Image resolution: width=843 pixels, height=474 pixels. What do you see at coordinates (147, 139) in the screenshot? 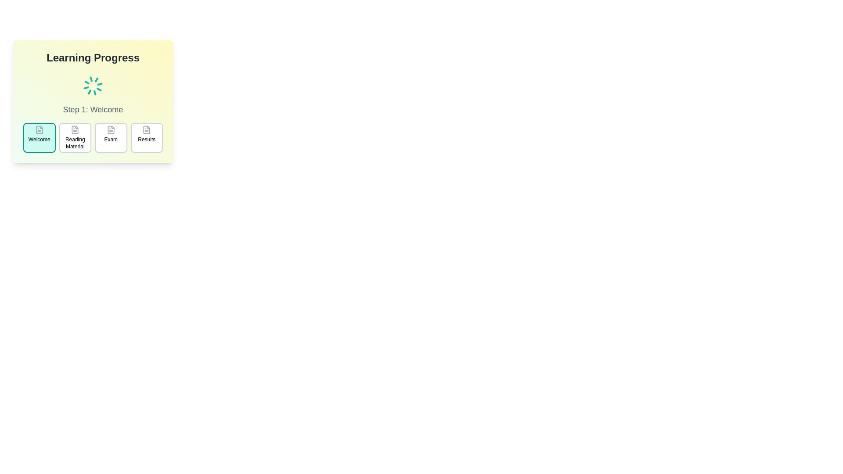
I see `the text label at the bottom-center of the last card in the 'Learning Progress' section` at bounding box center [147, 139].